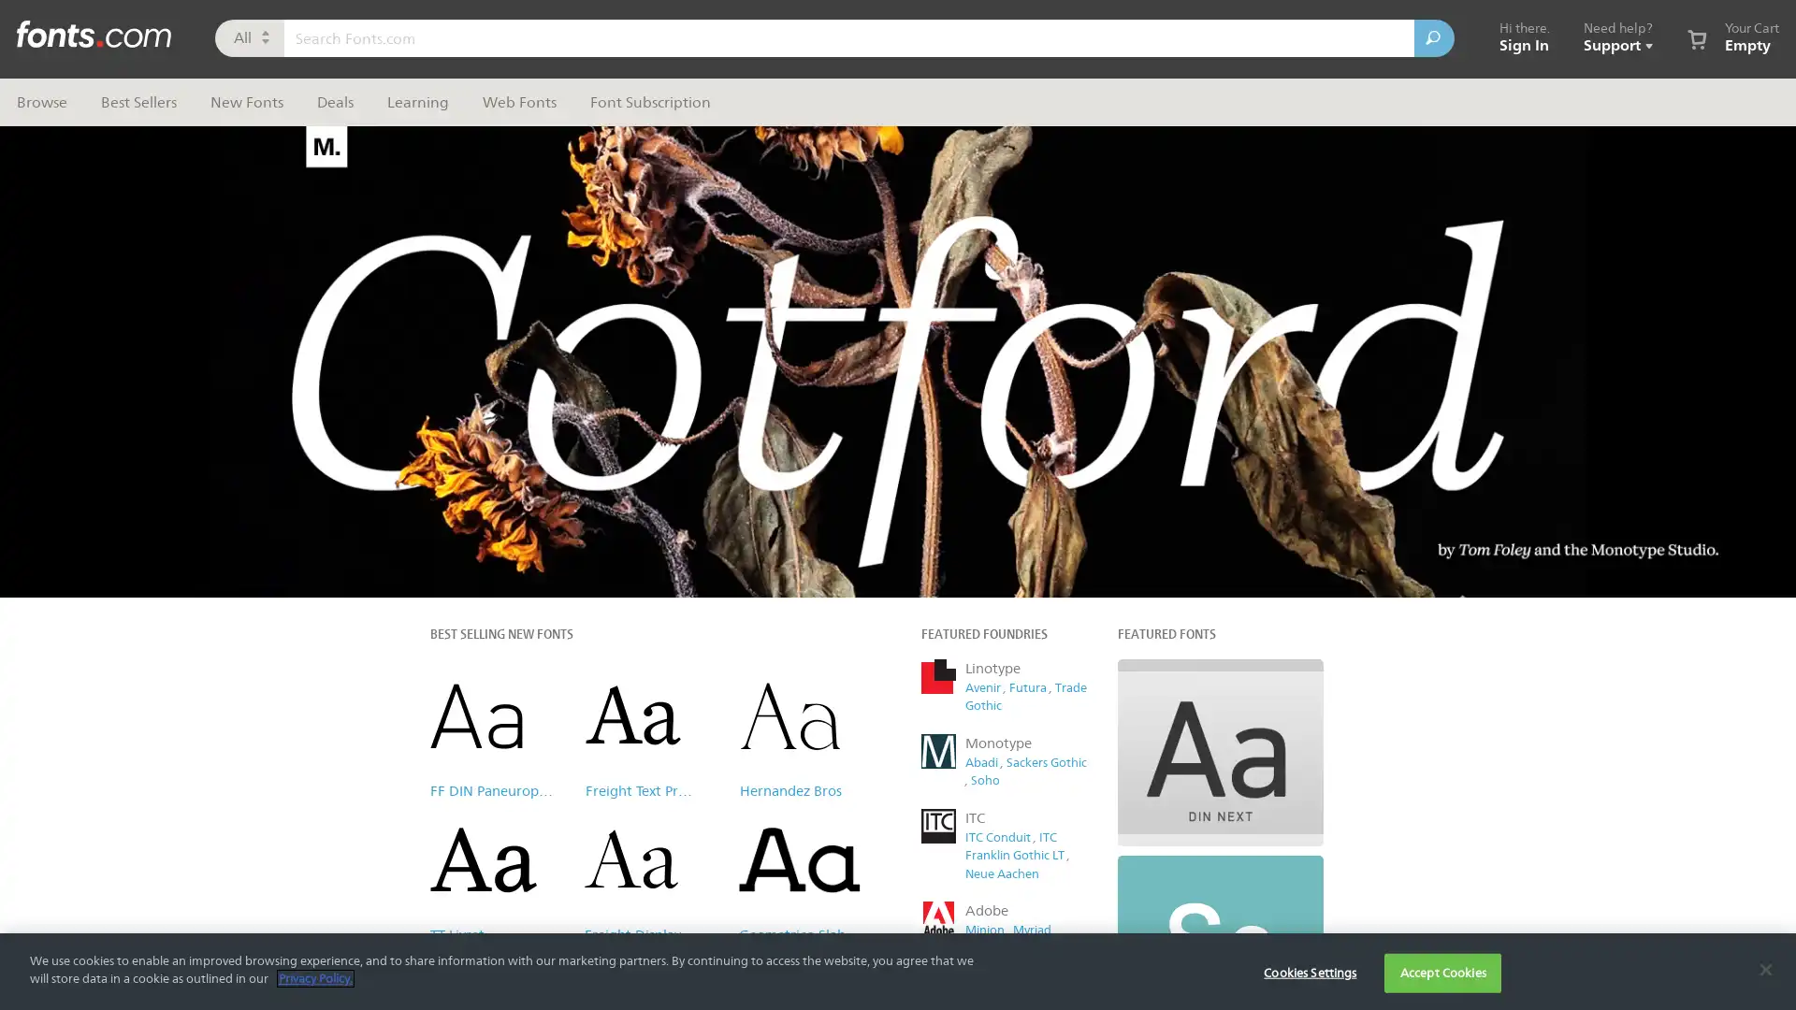  Describe the element at coordinates (1764, 968) in the screenshot. I see `Close` at that location.